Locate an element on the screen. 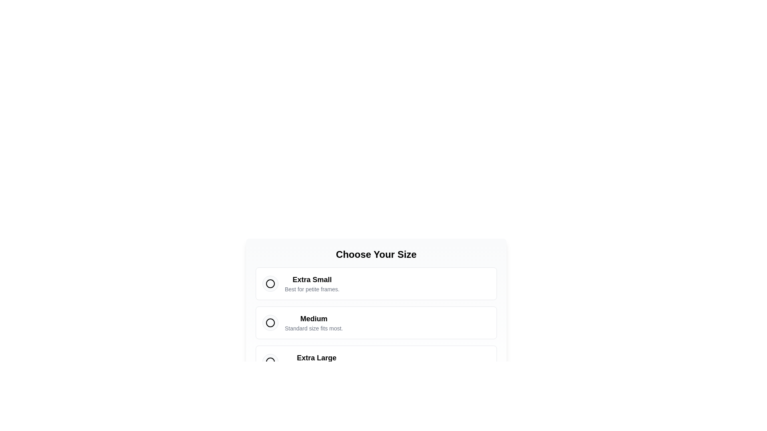 The width and height of the screenshot is (767, 431). the 'Extra Small' radio button located under the 'Choose Your Size' header is located at coordinates (270, 283).